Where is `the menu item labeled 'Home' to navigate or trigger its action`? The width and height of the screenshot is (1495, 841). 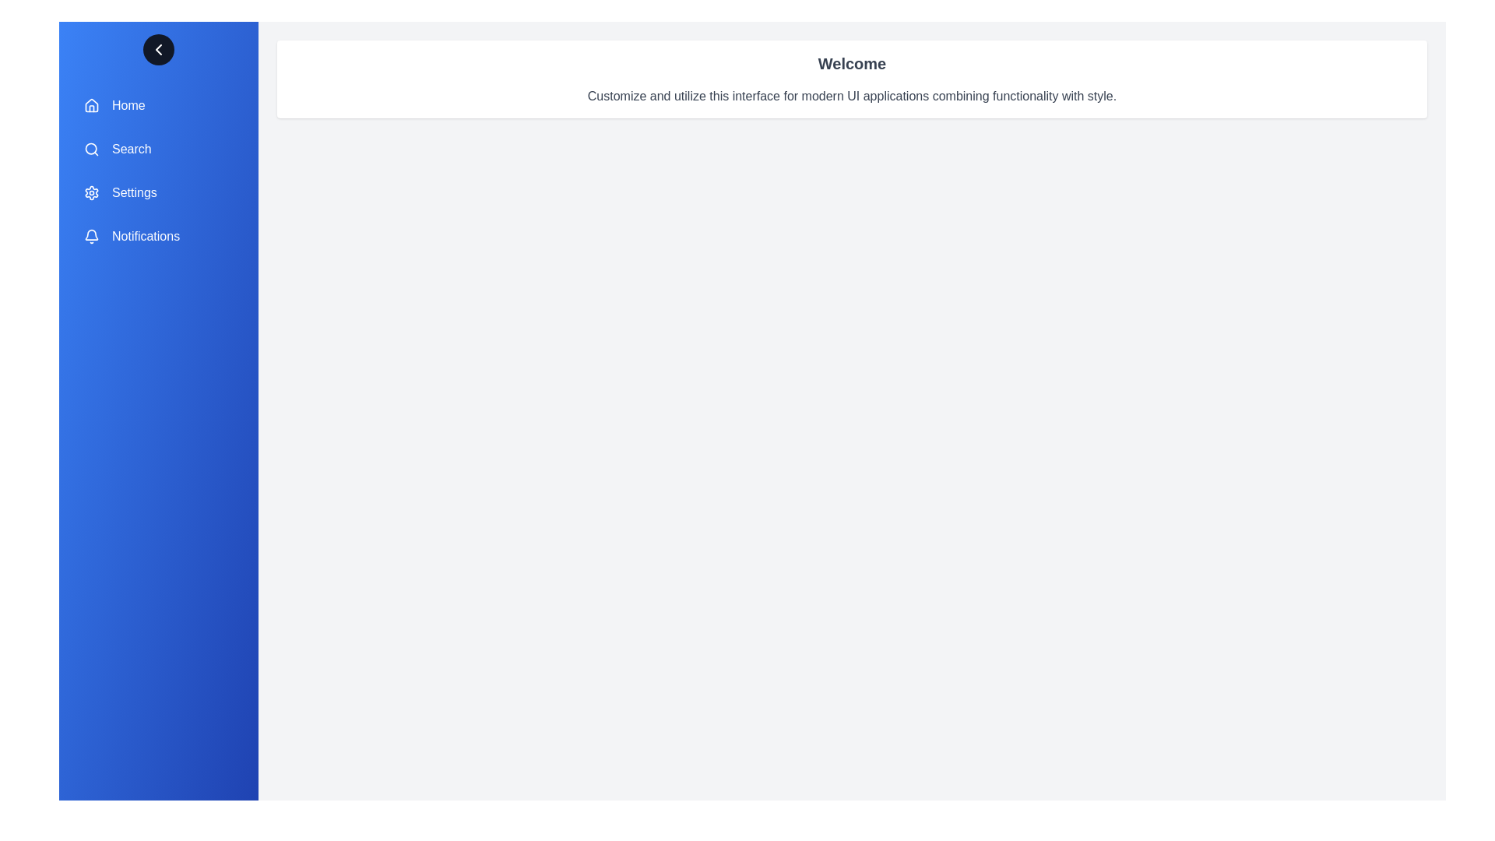 the menu item labeled 'Home' to navigate or trigger its action is located at coordinates (158, 105).